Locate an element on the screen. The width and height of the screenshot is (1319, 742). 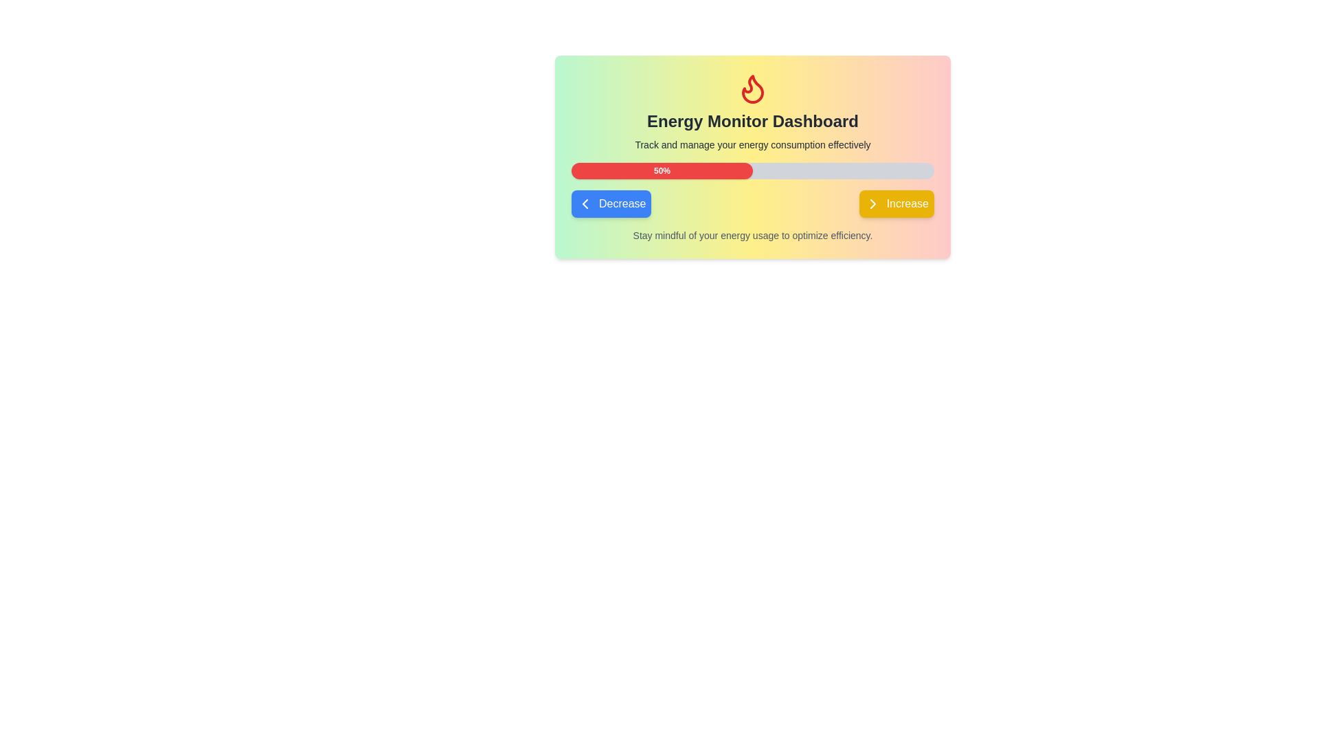
the 'Decrease' button text, which is styled with white text on a blue background and is part of a button-like structure located below the progress bar is located at coordinates (622, 204).